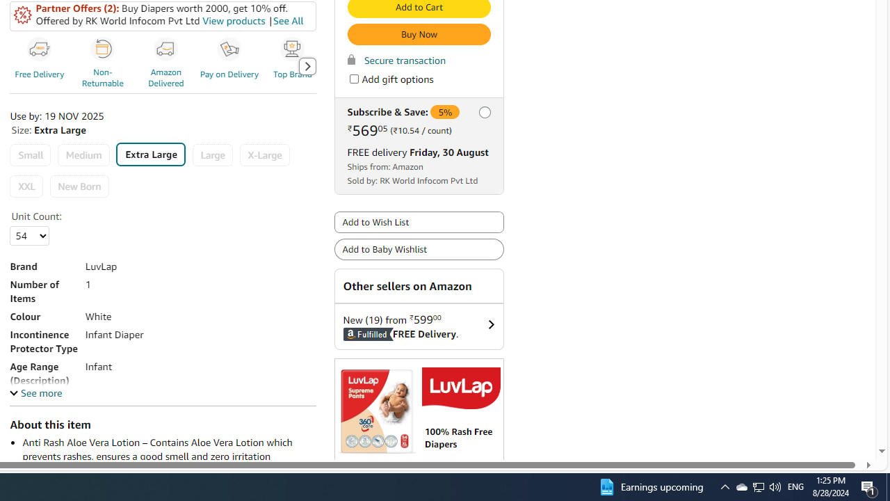  Describe the element at coordinates (350, 334) in the screenshot. I see `'Fulfilled'` at that location.